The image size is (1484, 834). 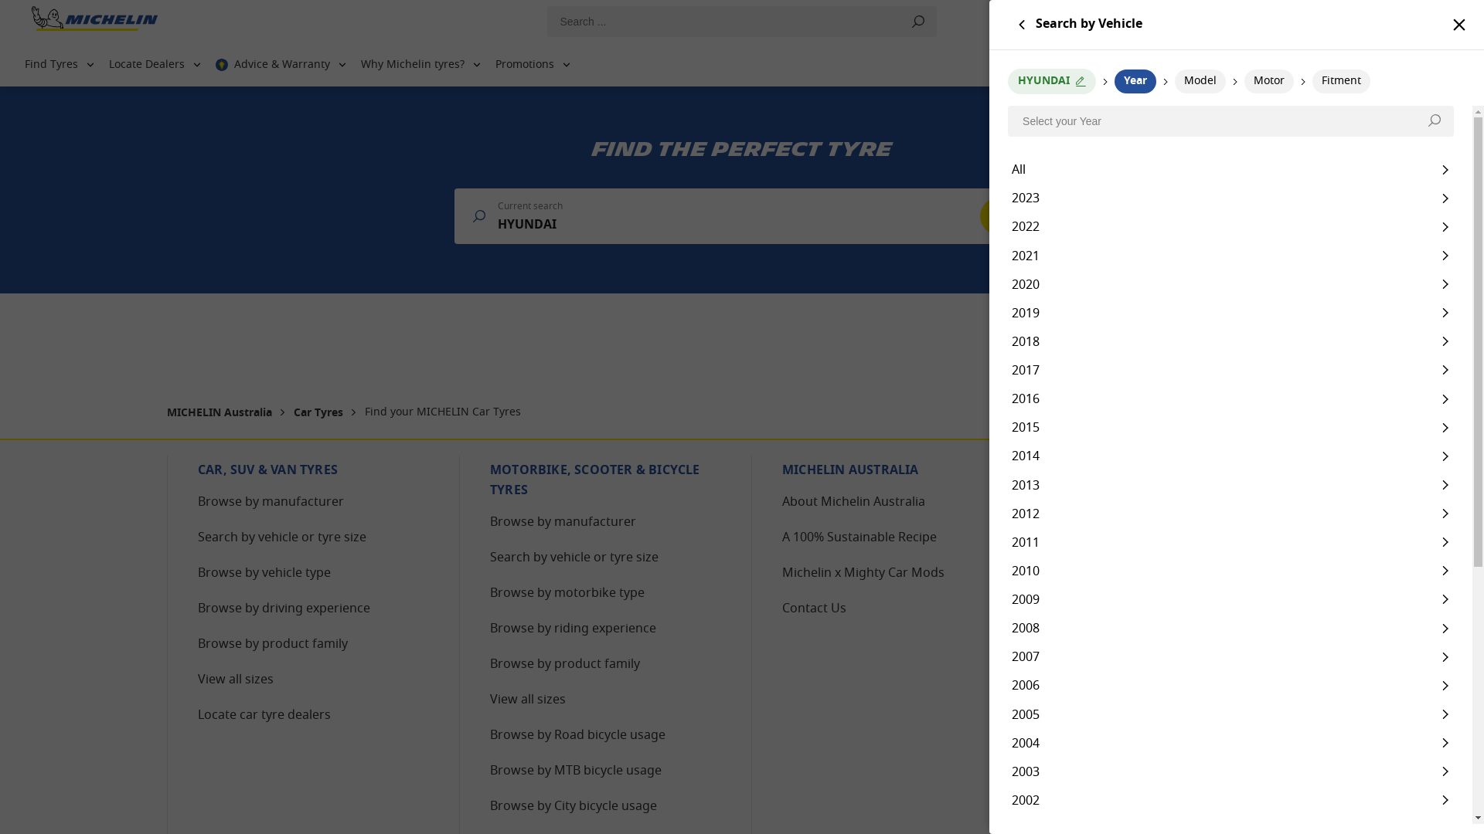 I want to click on '2008', so click(x=1230, y=628).